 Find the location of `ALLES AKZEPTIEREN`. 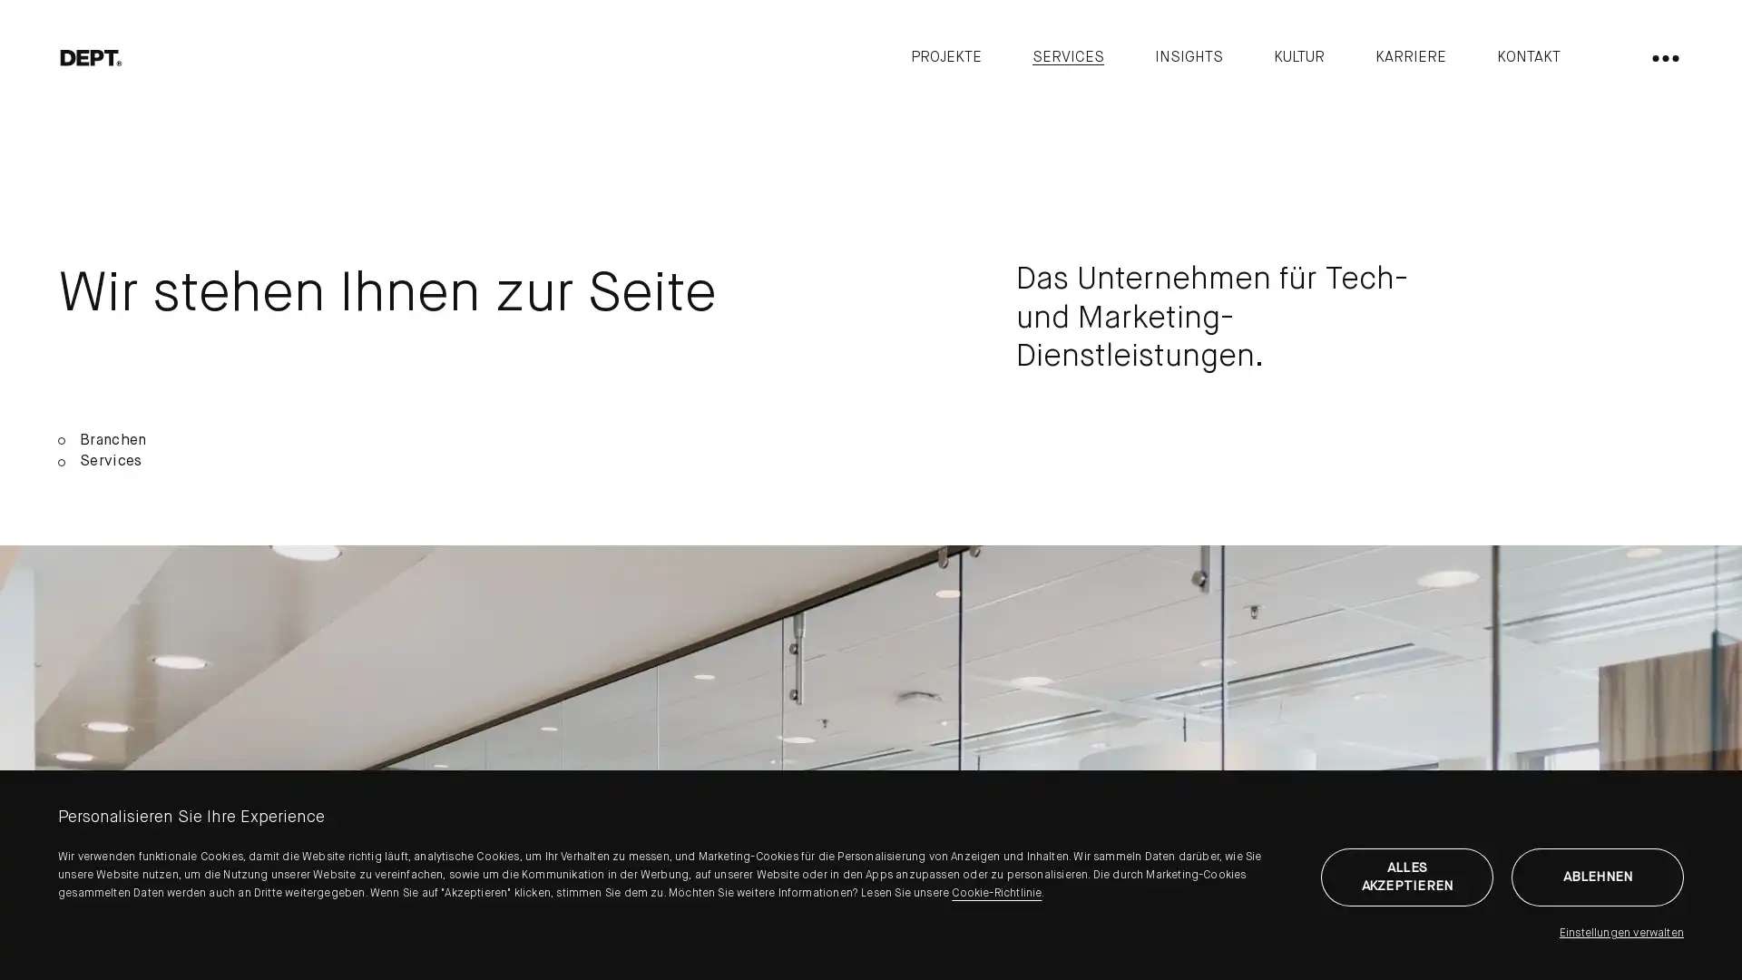

ALLES AKZEPTIEREN is located at coordinates (1405, 877).